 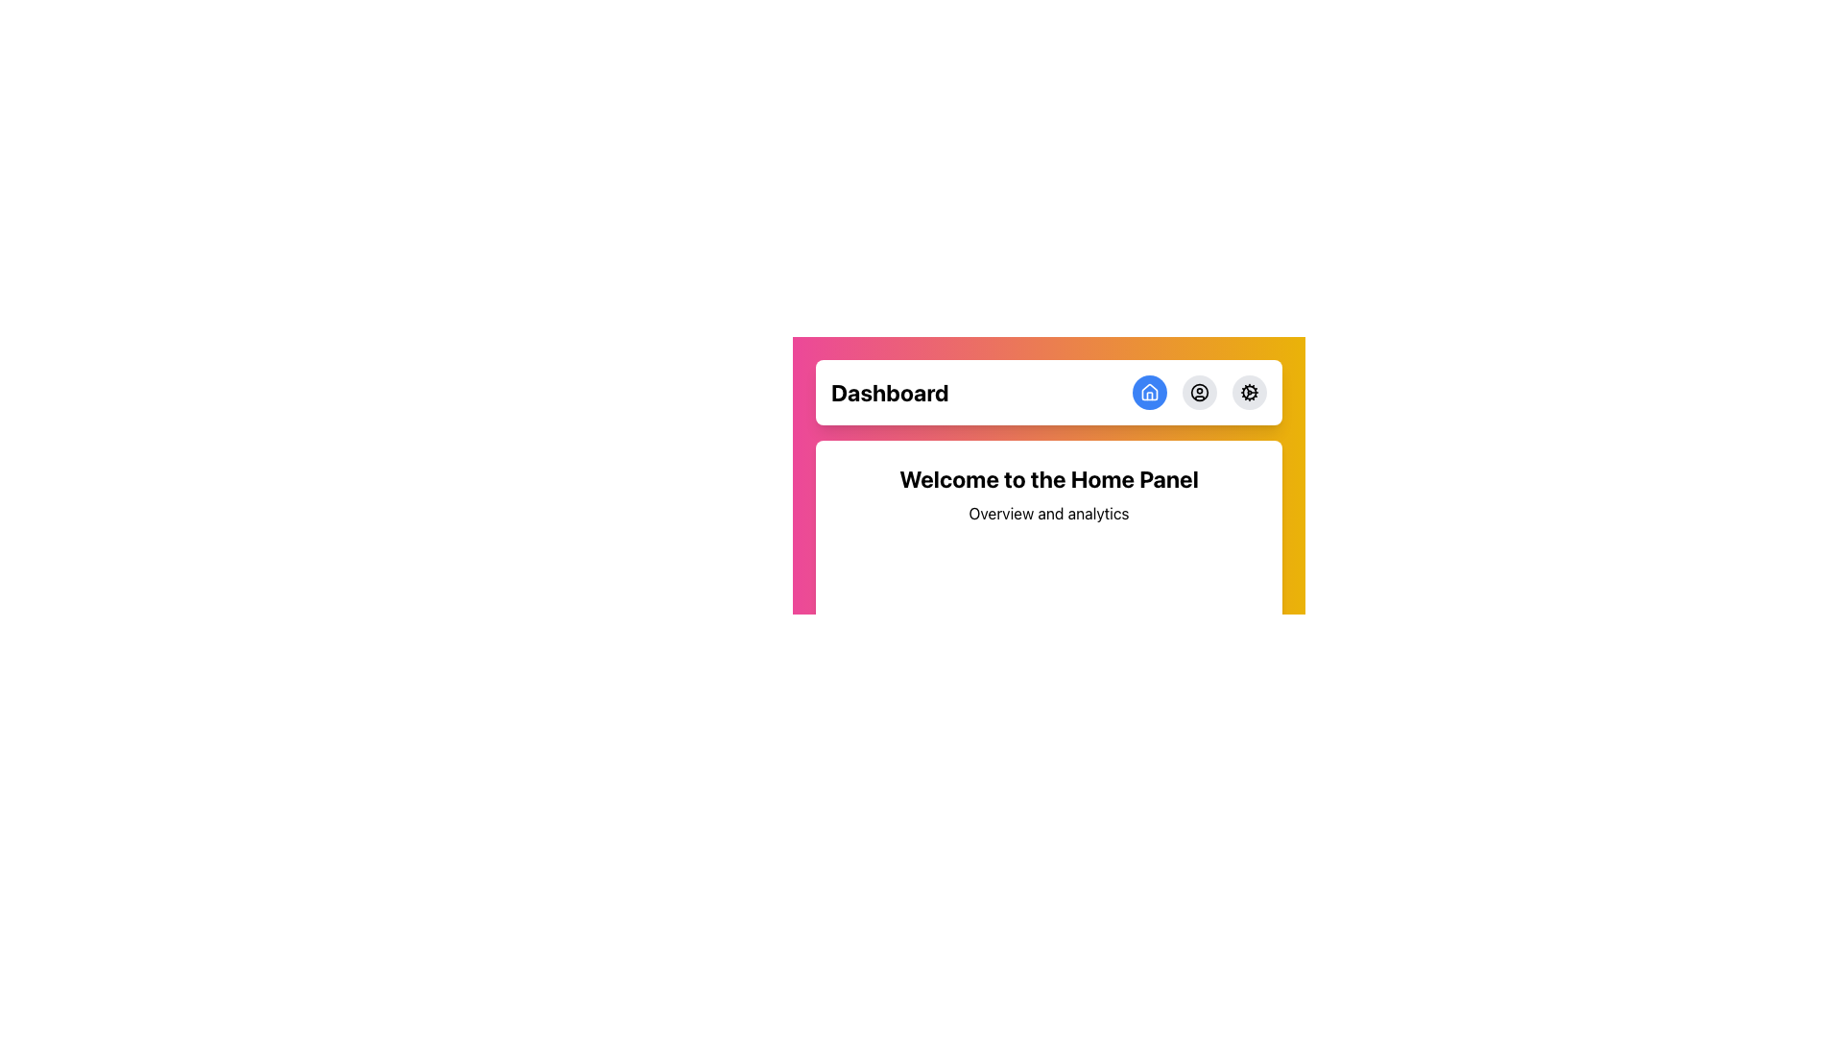 I want to click on the leftmost button located near the upper-right corner of the user interface, so click(x=1150, y=391).